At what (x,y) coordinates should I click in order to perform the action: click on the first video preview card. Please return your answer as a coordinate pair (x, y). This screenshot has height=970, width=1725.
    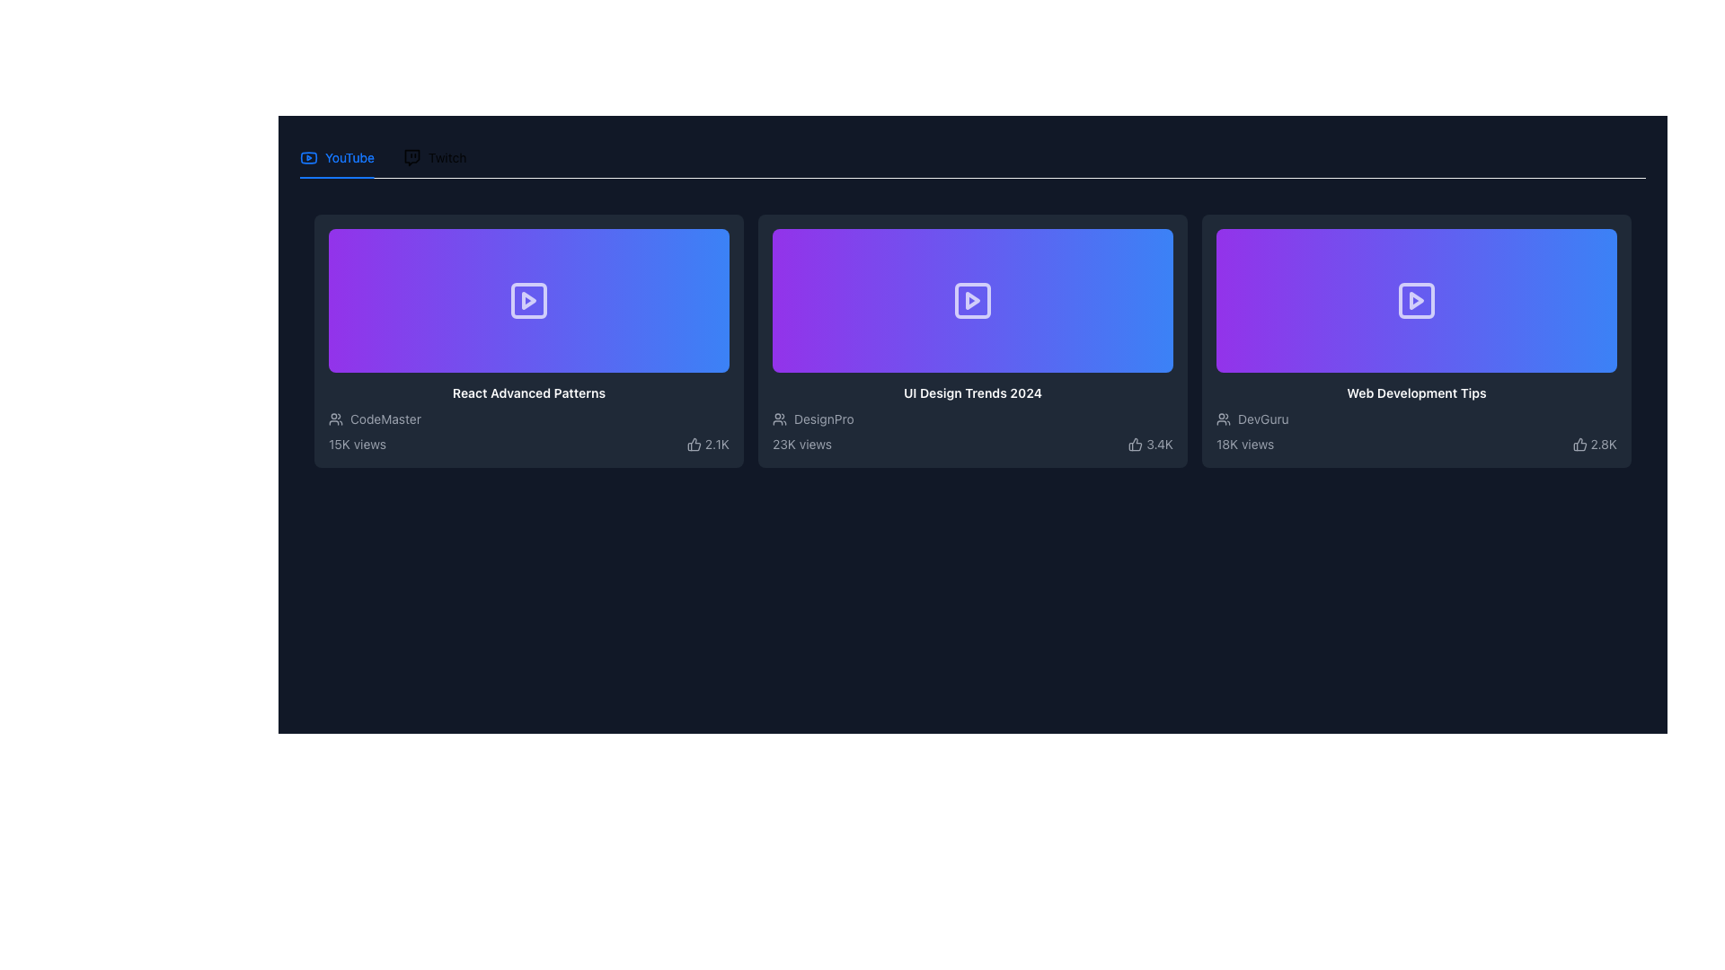
    Looking at the image, I should click on (528, 341).